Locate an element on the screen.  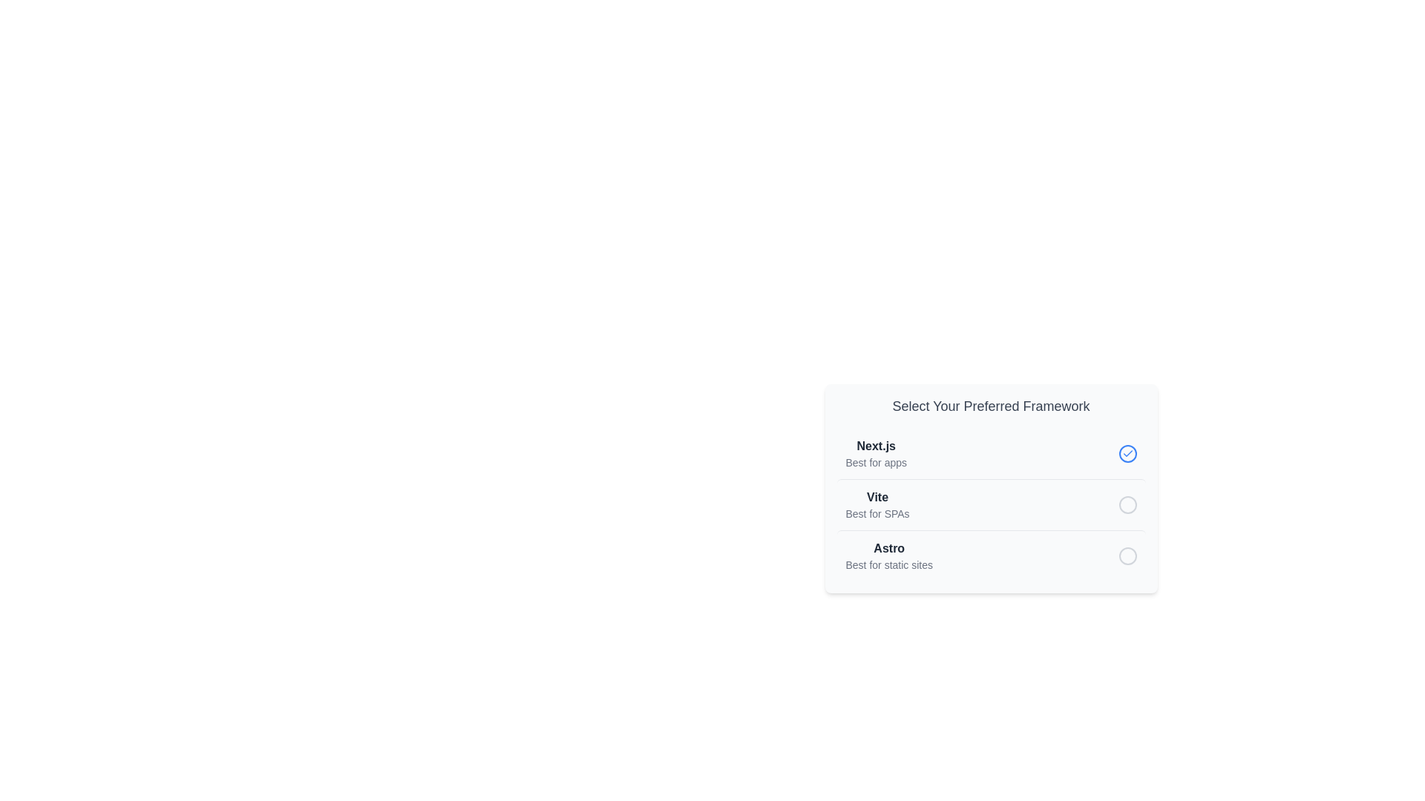
text string saying 'Best for apps', which is styled in a smaller gray font and located beneath the larger text 'Next.js' in the selection list is located at coordinates (876, 462).